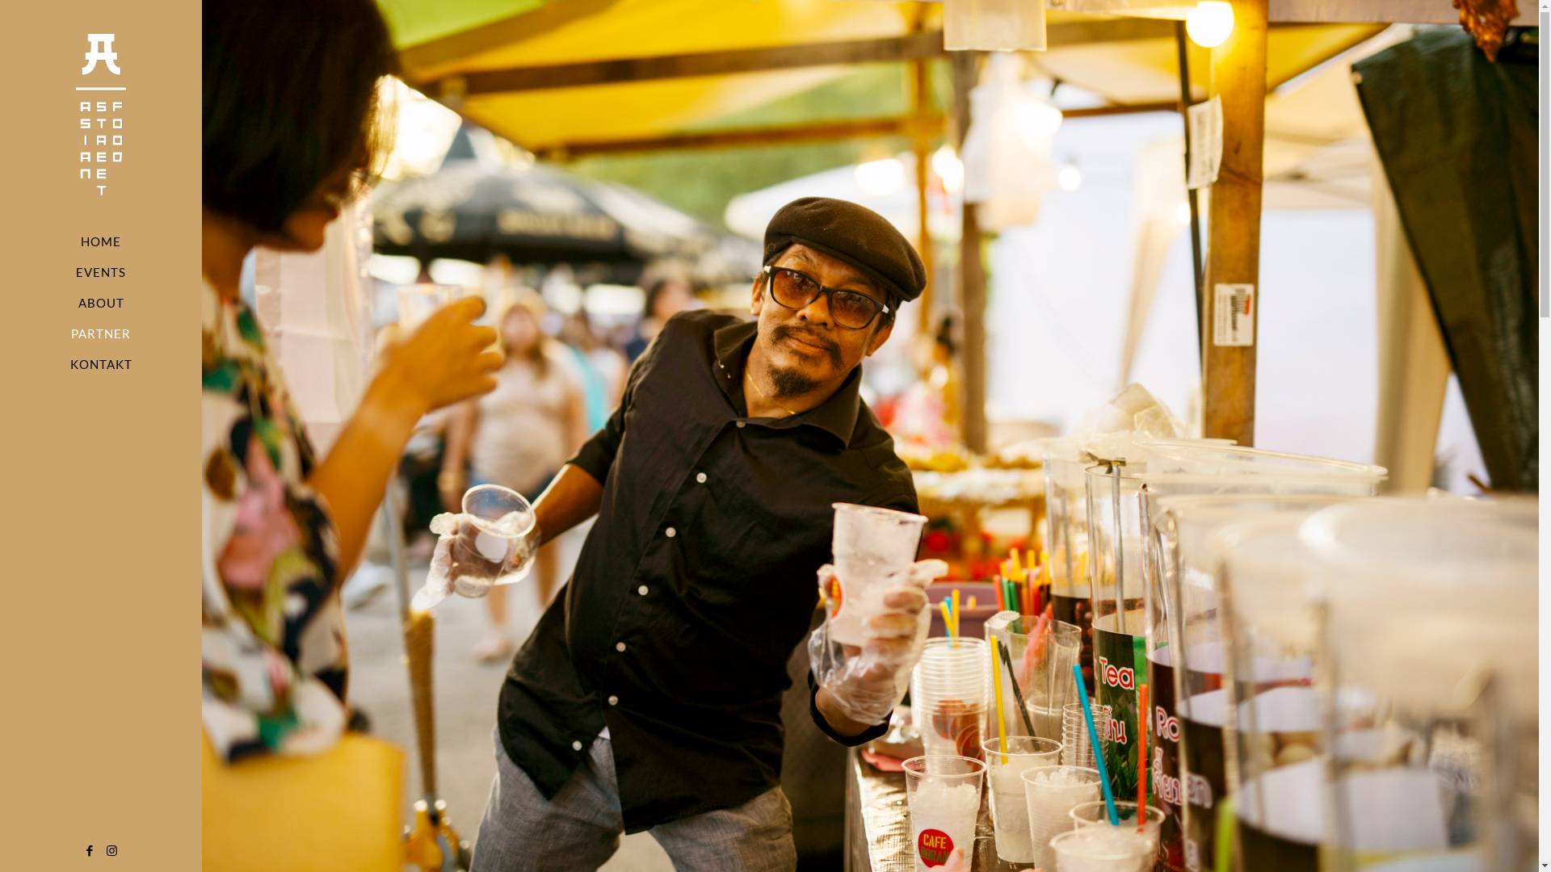  What do you see at coordinates (99, 270) in the screenshot?
I see `'EVENTS'` at bounding box center [99, 270].